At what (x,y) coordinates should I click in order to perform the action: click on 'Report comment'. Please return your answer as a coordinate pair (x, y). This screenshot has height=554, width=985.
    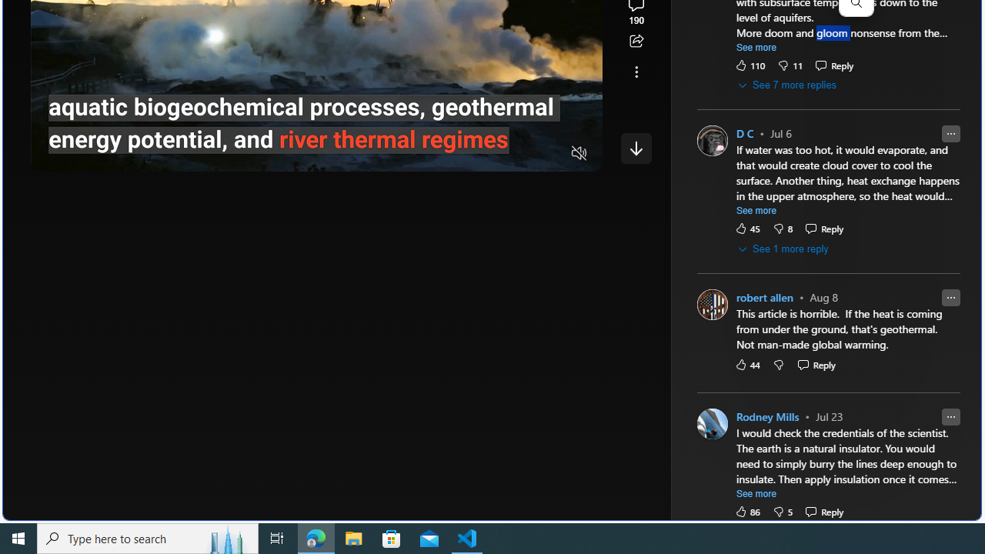
    Looking at the image, I should click on (950, 416).